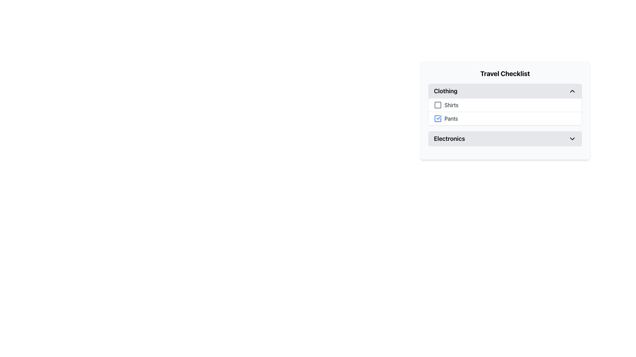 The image size is (636, 357). I want to click on the upward arrow icon at the right end of the 'Clothing' header, so click(572, 91).